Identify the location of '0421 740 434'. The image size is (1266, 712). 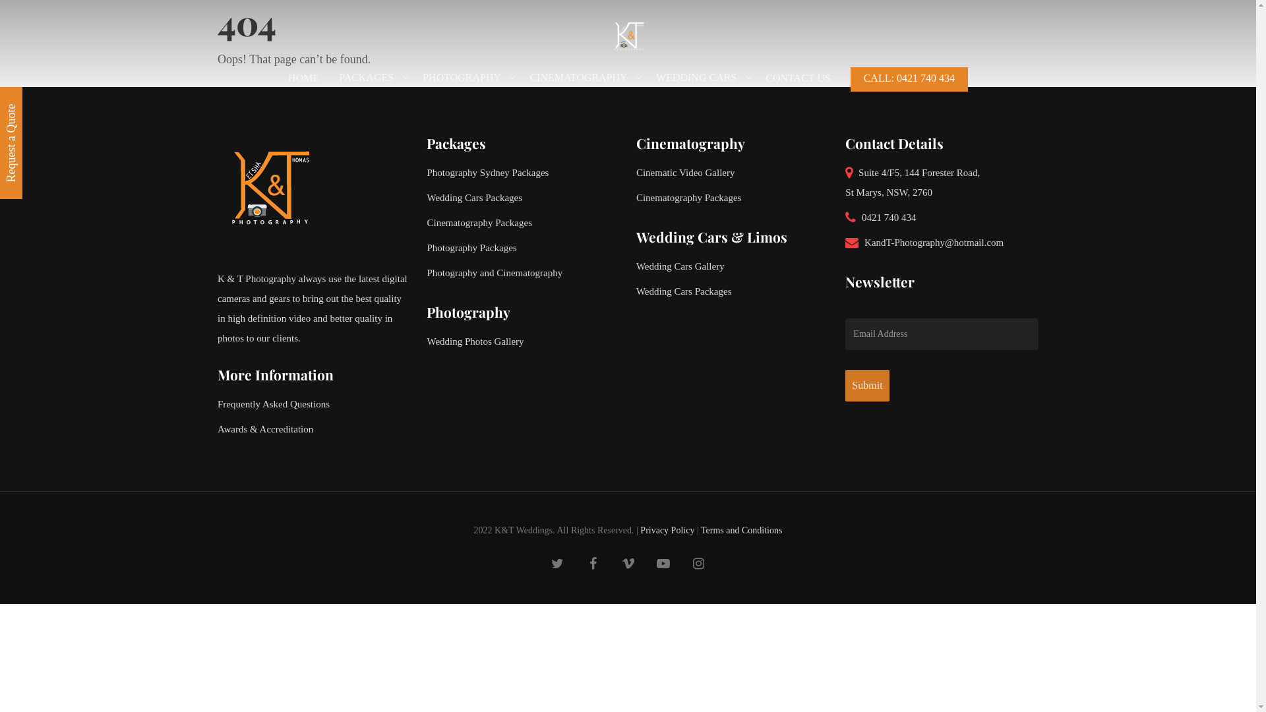
(941, 217).